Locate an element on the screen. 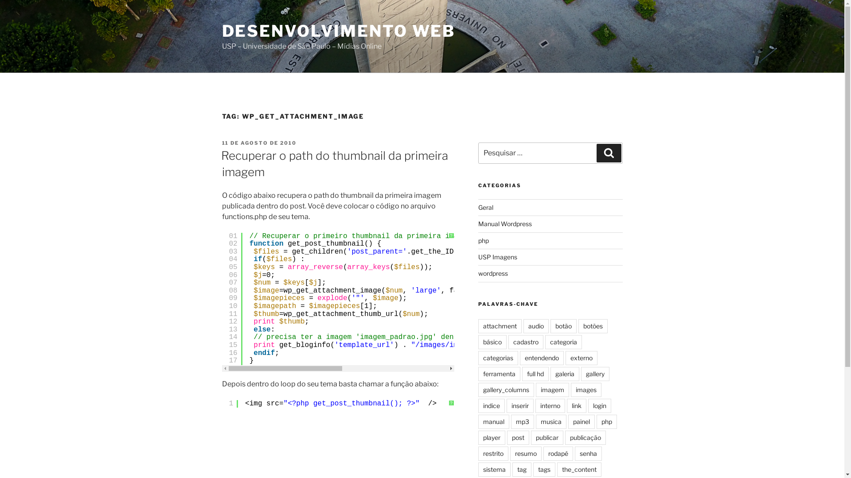 This screenshot has width=851, height=478. 'audio' is located at coordinates (535, 326).